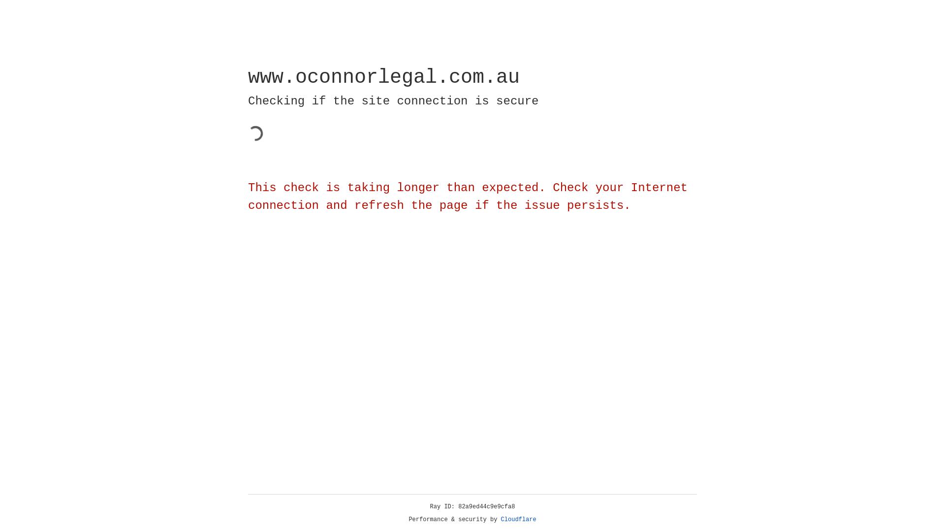  What do you see at coordinates (501, 519) in the screenshot?
I see `'Cloudflare'` at bounding box center [501, 519].